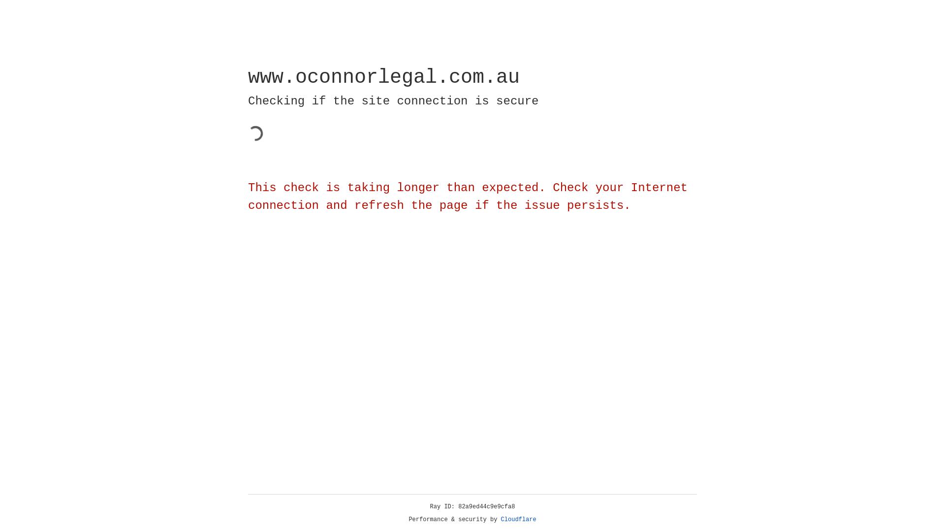  What do you see at coordinates (501, 519) in the screenshot?
I see `'Cloudflare'` at bounding box center [501, 519].